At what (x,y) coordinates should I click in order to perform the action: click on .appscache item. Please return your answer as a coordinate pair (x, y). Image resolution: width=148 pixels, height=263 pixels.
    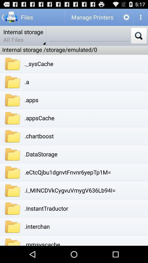
    Looking at the image, I should click on (39, 118).